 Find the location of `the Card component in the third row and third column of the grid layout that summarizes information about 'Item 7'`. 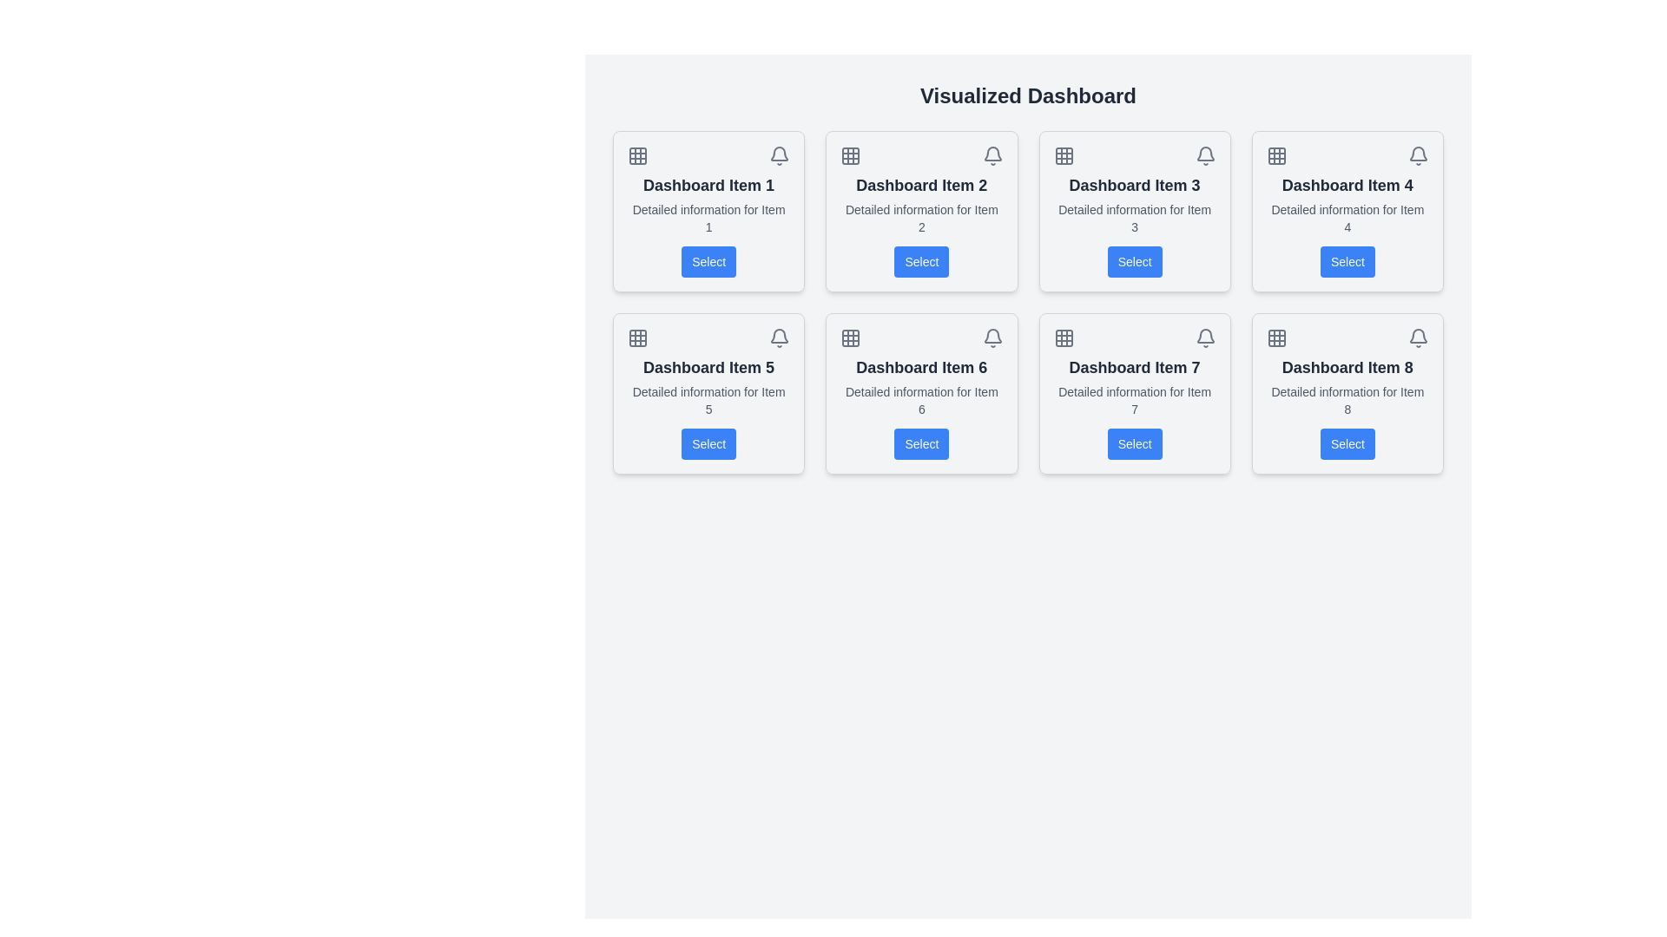

the Card component in the third row and third column of the grid layout that summarizes information about 'Item 7' is located at coordinates (1135, 394).